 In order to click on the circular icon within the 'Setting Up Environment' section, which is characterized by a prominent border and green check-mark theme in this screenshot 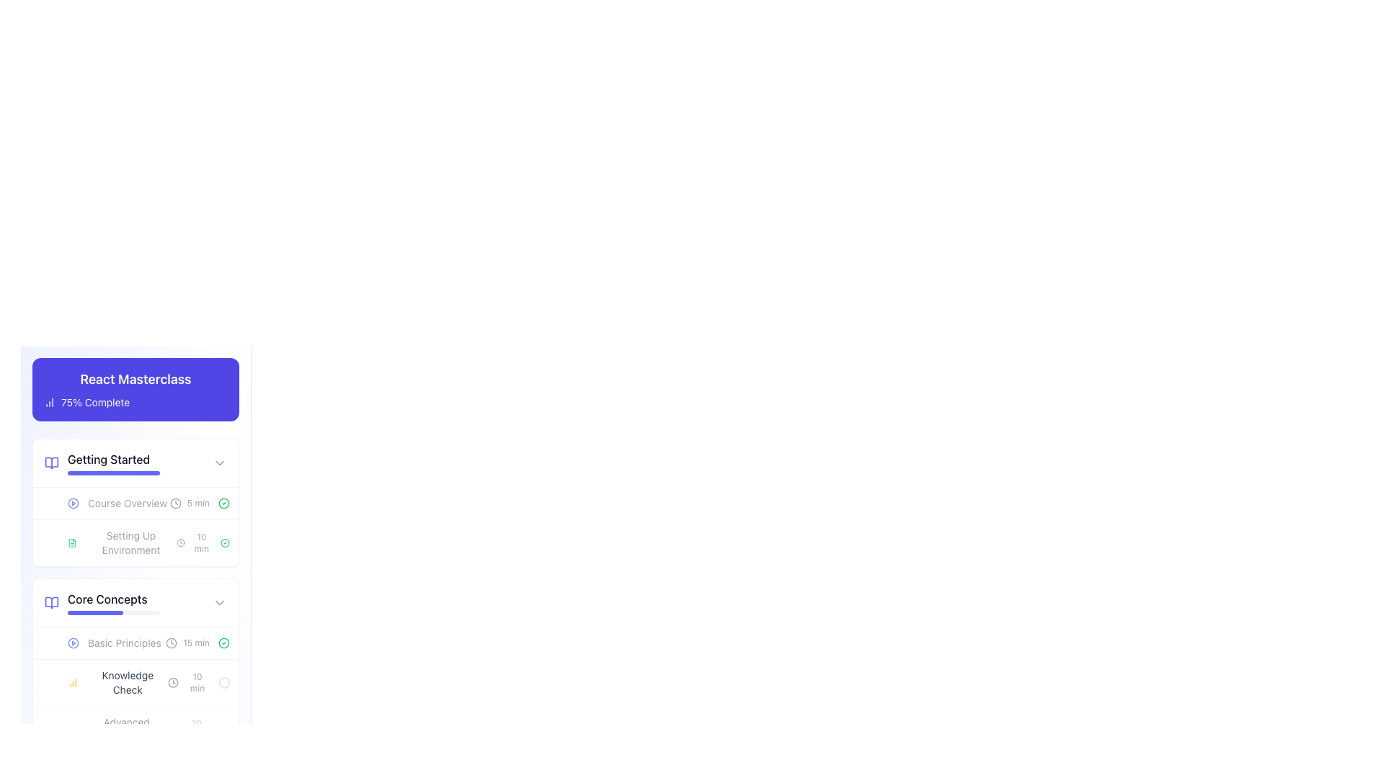, I will do `click(224, 542)`.